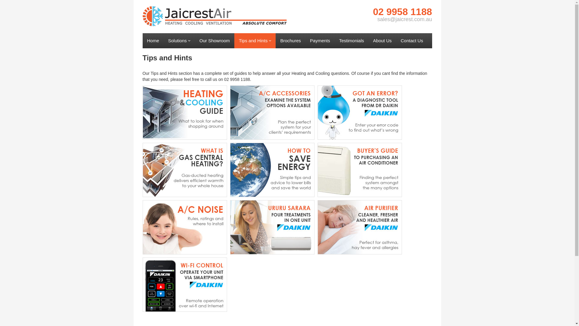 This screenshot has height=326, width=579. Describe the element at coordinates (320, 41) in the screenshot. I see `'Payments'` at that location.